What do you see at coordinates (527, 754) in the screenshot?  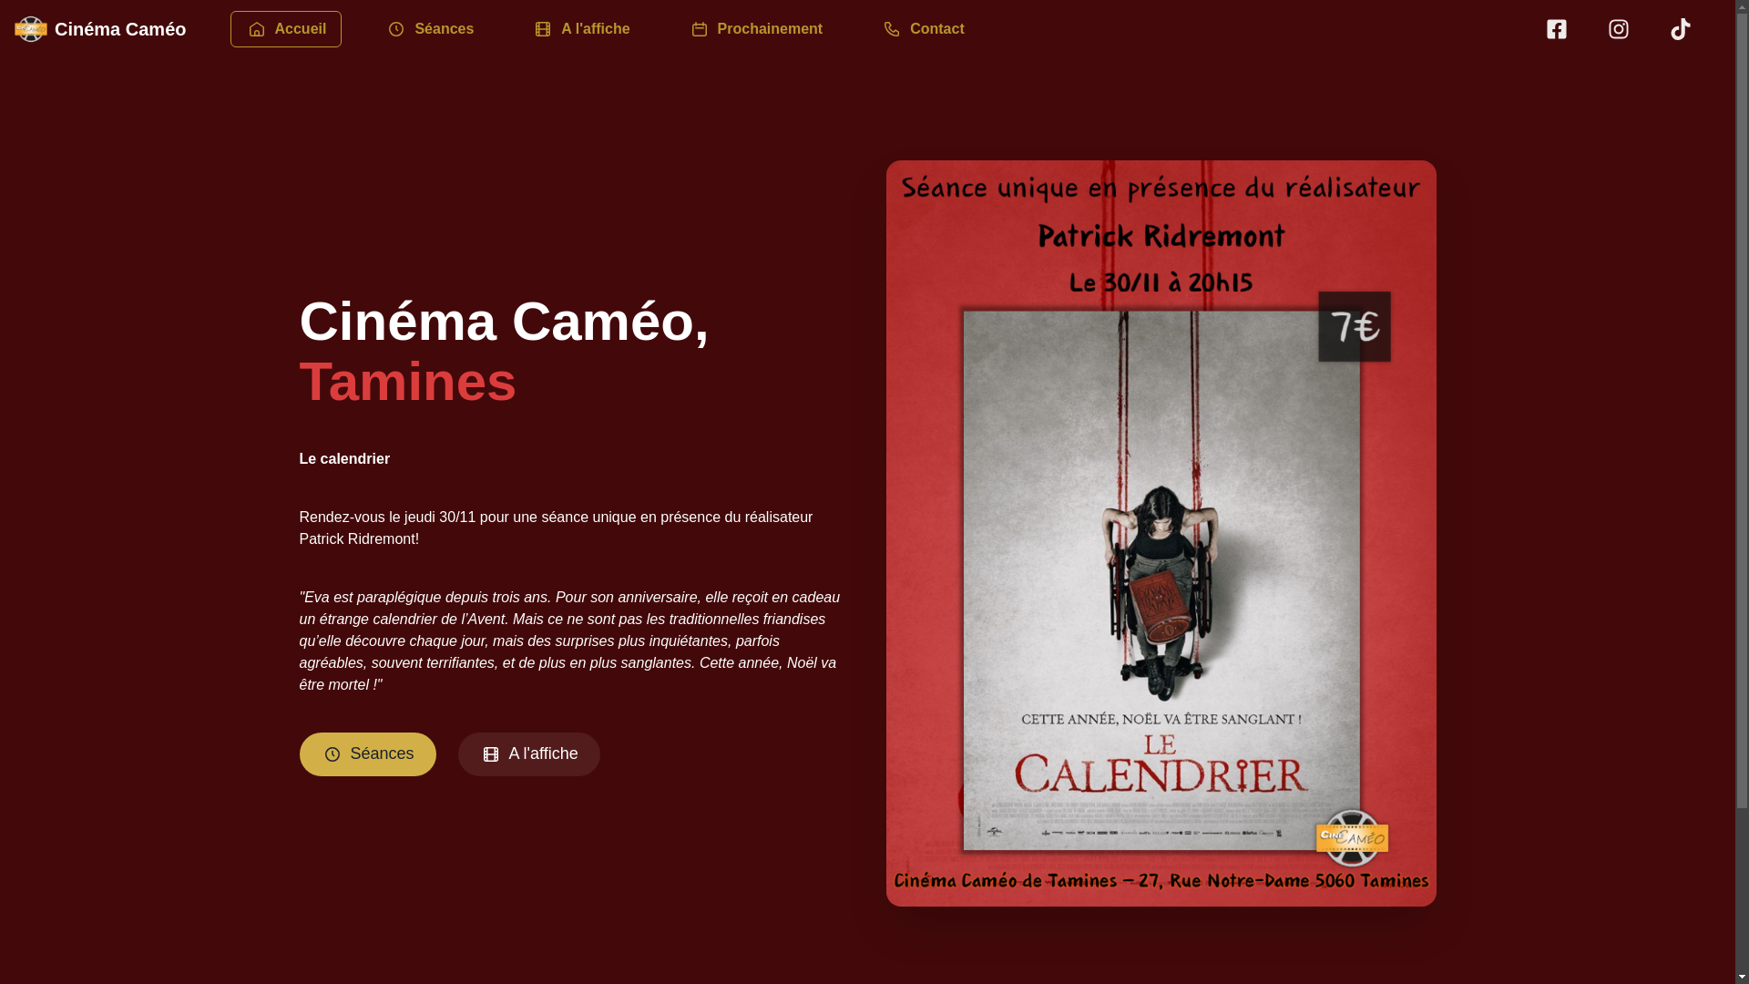 I see `'A l'affiche'` at bounding box center [527, 754].